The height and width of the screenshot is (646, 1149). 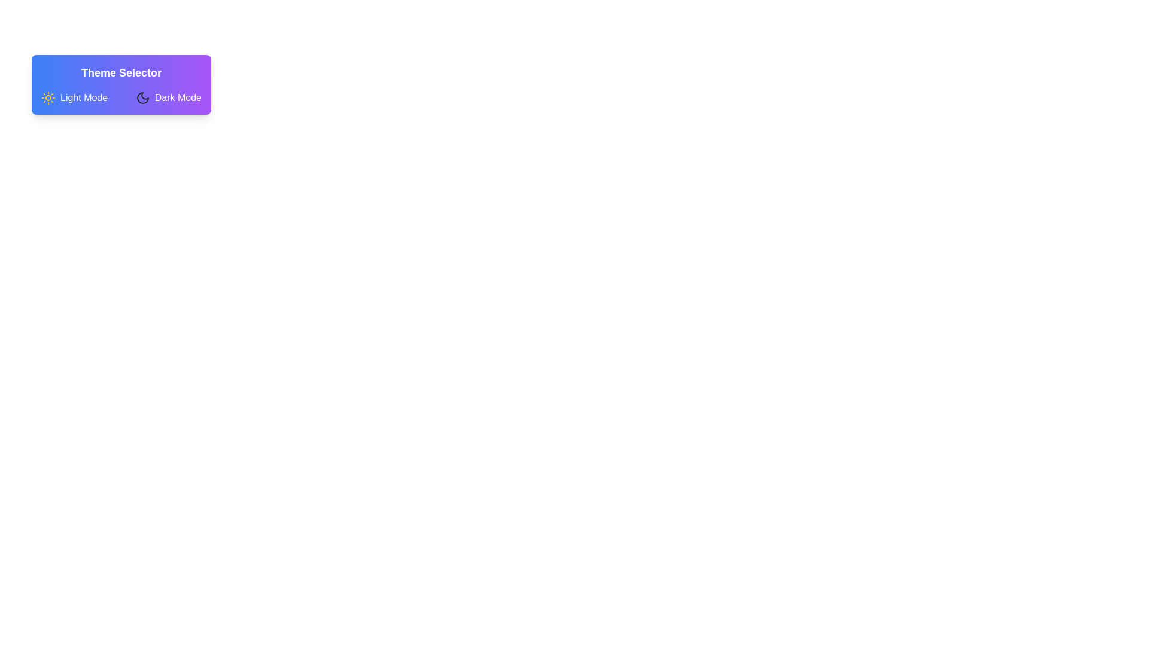 What do you see at coordinates (177, 97) in the screenshot?
I see `the 'Dark Mode' text label styled in white sans-serif font against a gradient background within the 'Theme Selector' card interface` at bounding box center [177, 97].